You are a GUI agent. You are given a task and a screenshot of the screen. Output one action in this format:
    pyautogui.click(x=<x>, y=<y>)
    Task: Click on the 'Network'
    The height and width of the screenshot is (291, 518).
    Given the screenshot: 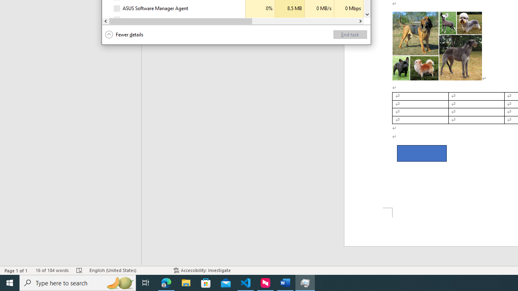 What is the action you would take?
    pyautogui.click(x=349, y=19)
    